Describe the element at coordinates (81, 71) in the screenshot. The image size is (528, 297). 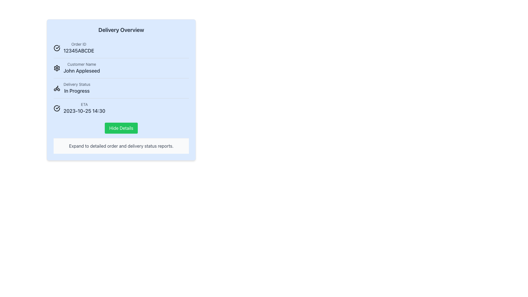
I see `the static text label displaying the customer name, positioned below the 'Delivery Overview' title and under the 'Customer Name' label` at that location.